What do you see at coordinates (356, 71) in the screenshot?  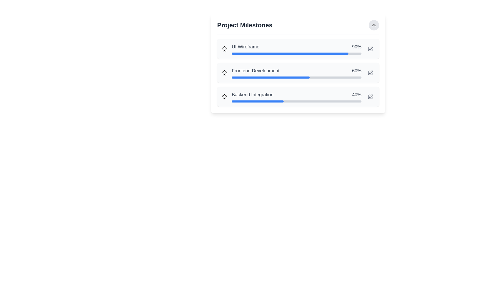 I see `the text element displaying '60%' in bold dark-gray font, which represents the completion percentage for 'Frontend Development'` at bounding box center [356, 71].